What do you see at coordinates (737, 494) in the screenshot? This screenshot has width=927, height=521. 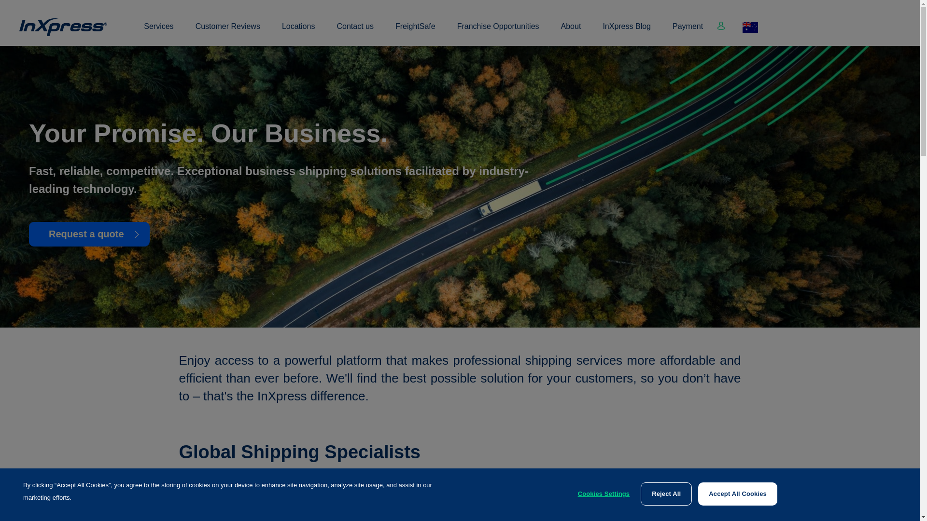 I see `'Accept All Cookies'` at bounding box center [737, 494].